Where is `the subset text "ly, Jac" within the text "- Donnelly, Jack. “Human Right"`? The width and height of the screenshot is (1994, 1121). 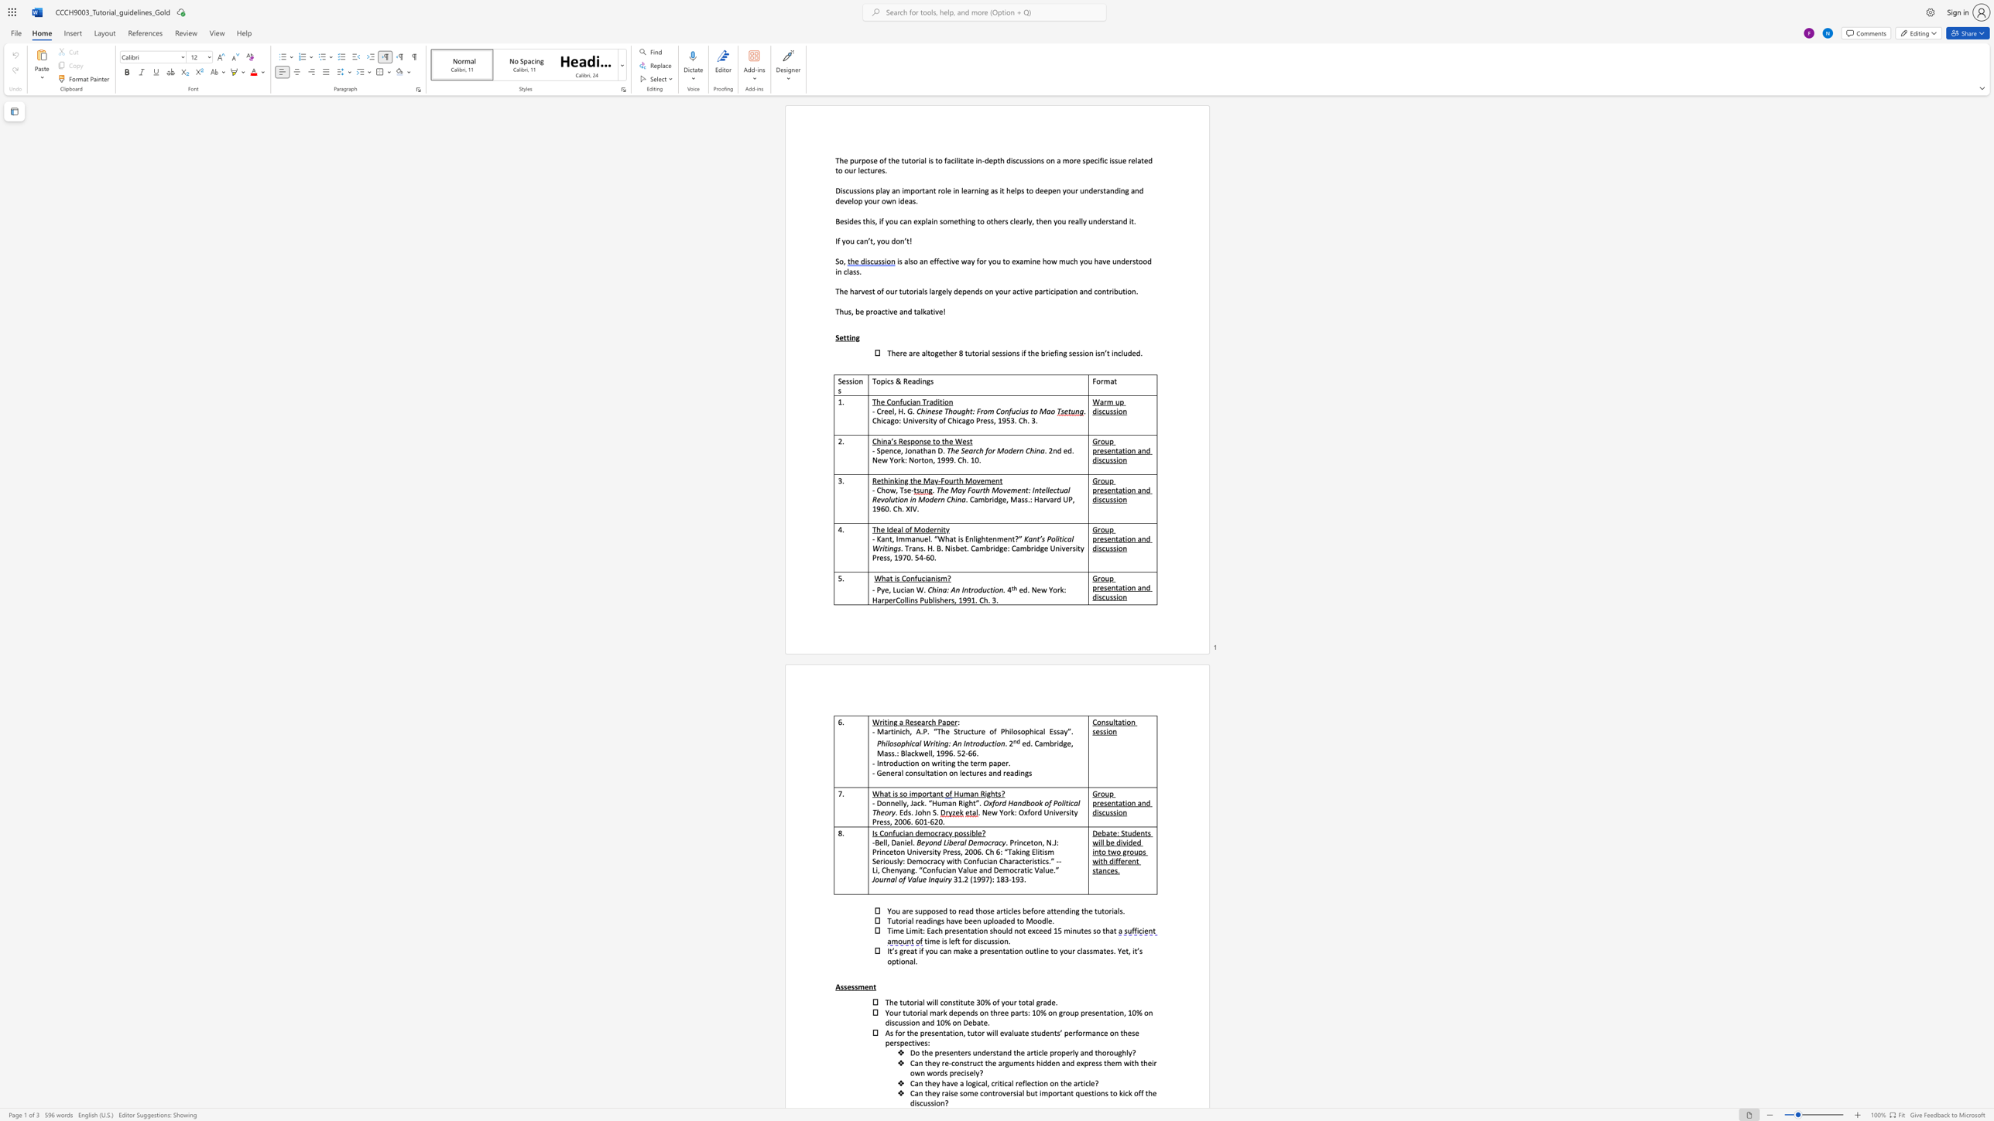 the subset text "ly, Jac" within the text "- Donnelly, Jack. “Human Right" is located at coordinates (900, 803).